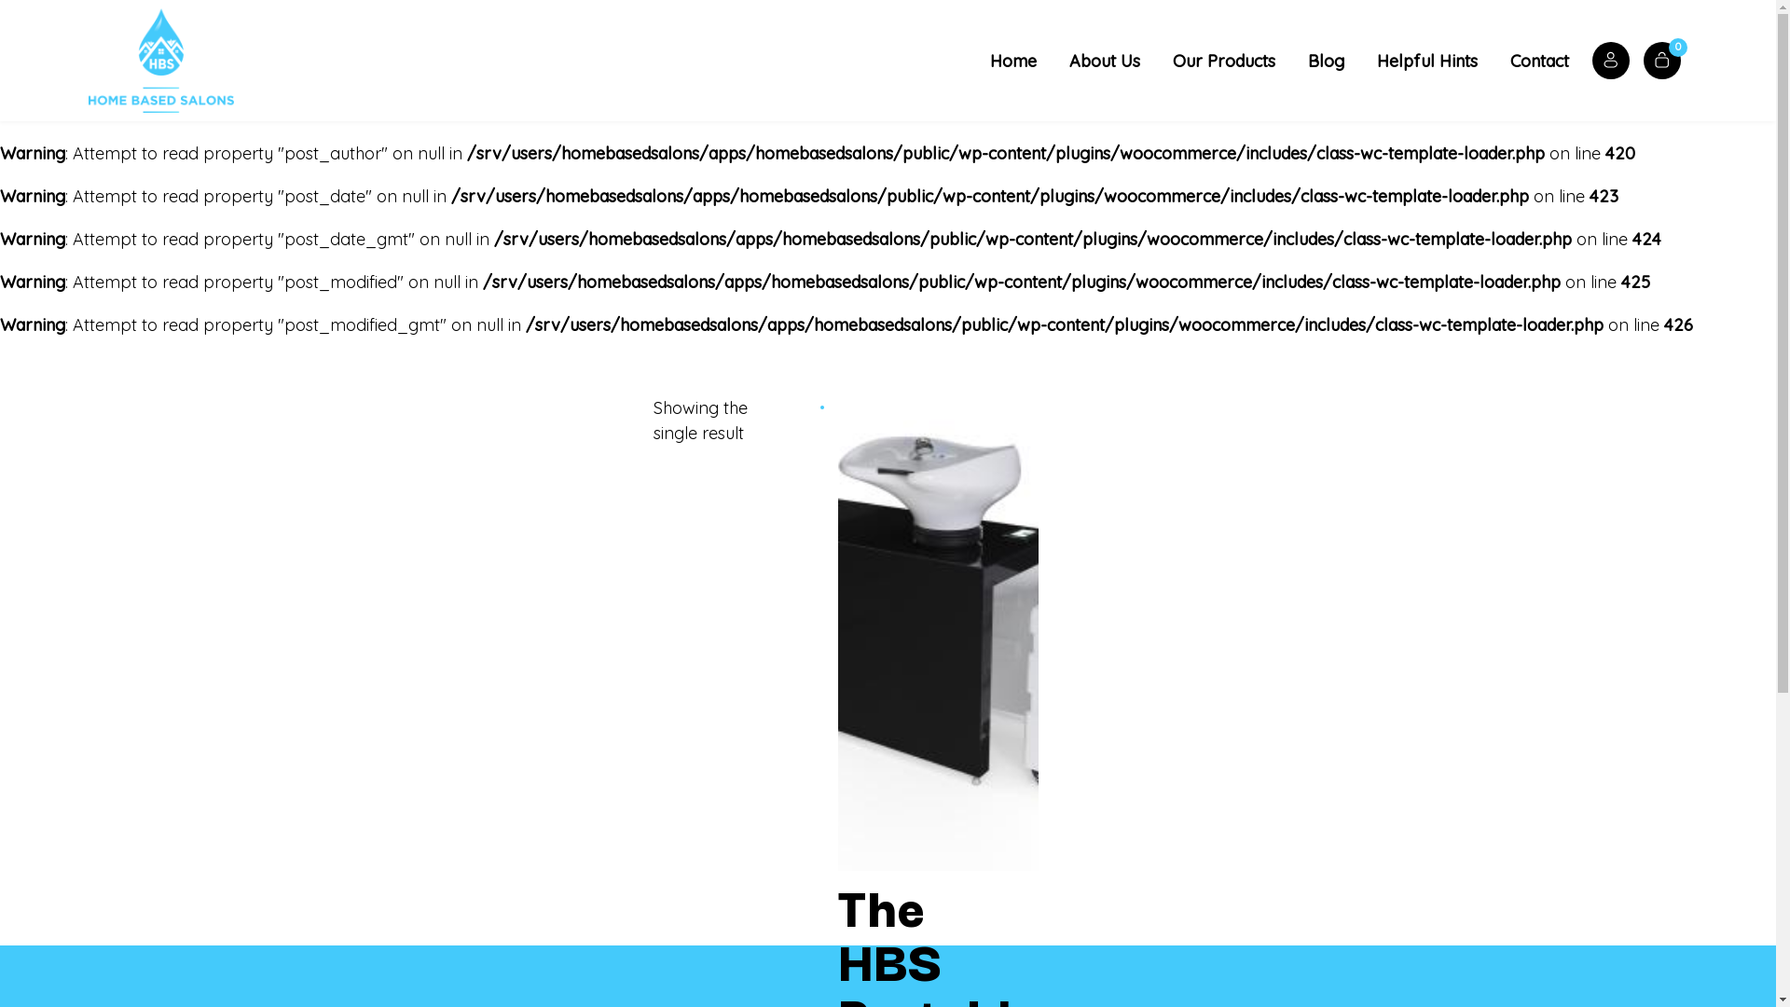 The height and width of the screenshot is (1007, 1790). What do you see at coordinates (1012, 60) in the screenshot?
I see `'Home'` at bounding box center [1012, 60].